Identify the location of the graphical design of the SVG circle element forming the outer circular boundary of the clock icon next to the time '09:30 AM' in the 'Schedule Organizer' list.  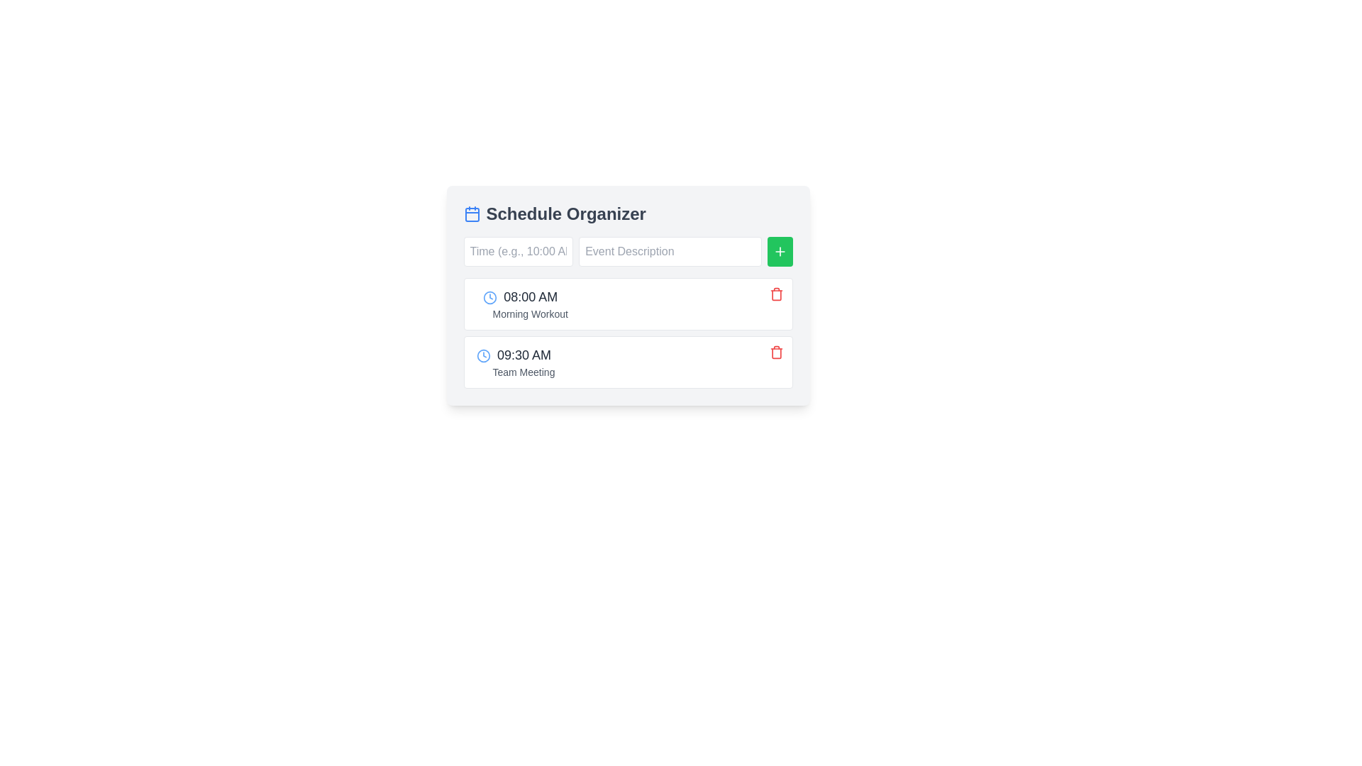
(490, 297).